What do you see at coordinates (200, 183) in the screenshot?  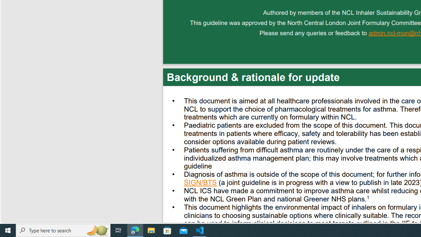 I see `'SIGN/BTS'` at bounding box center [200, 183].